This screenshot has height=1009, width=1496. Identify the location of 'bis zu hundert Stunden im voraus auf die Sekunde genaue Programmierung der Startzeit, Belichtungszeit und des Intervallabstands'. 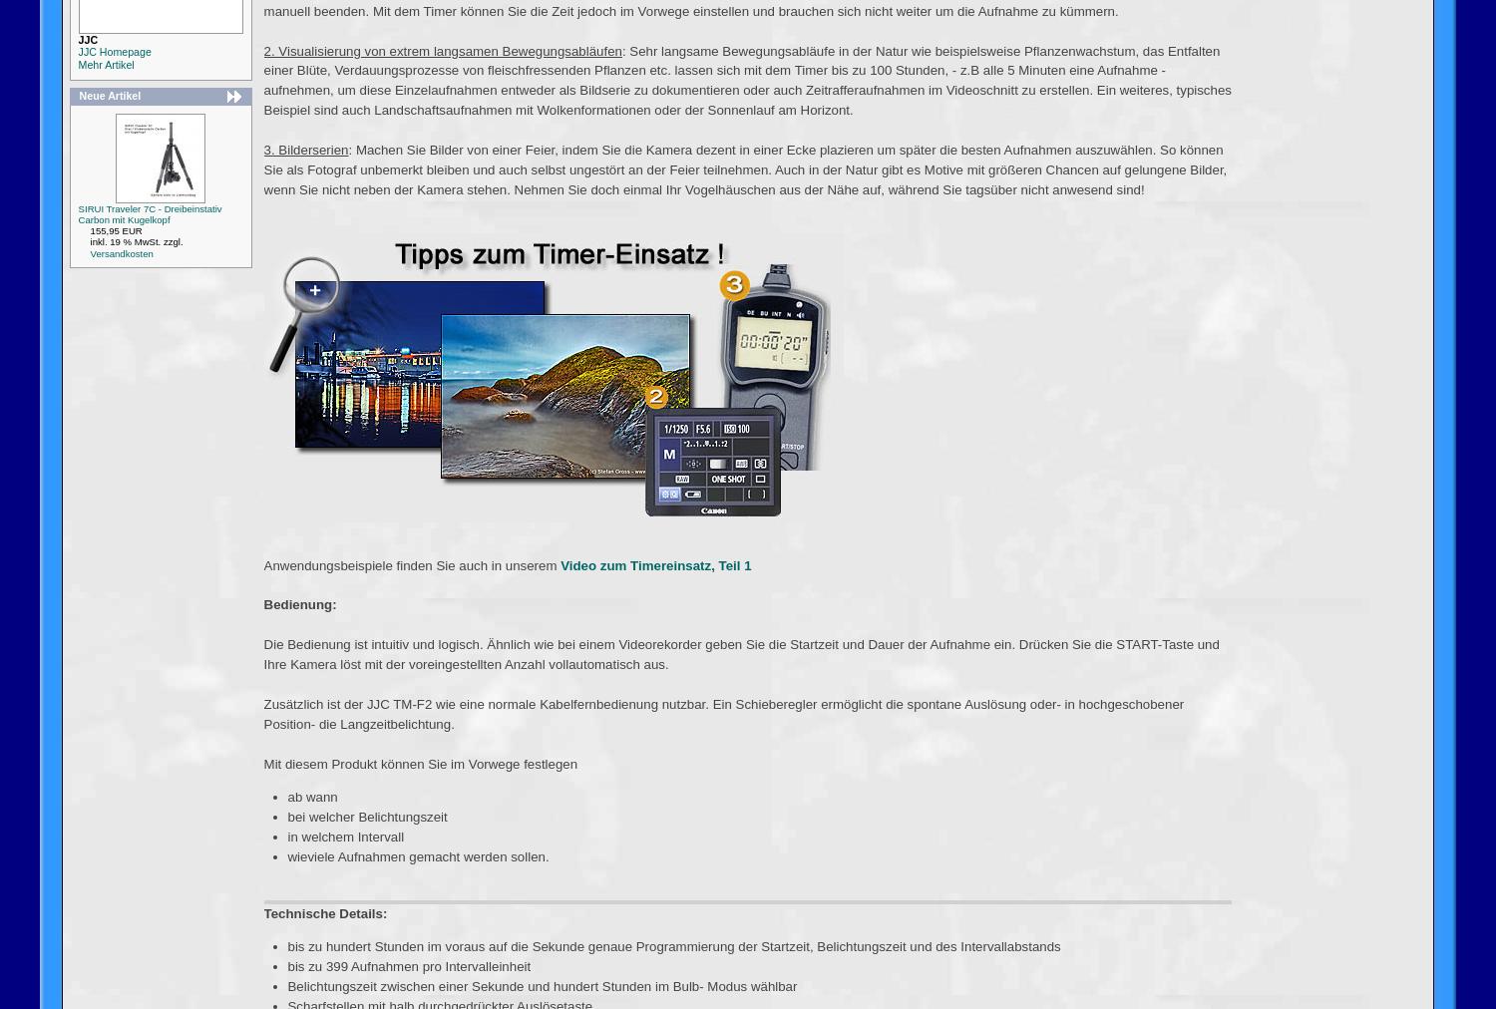
(673, 946).